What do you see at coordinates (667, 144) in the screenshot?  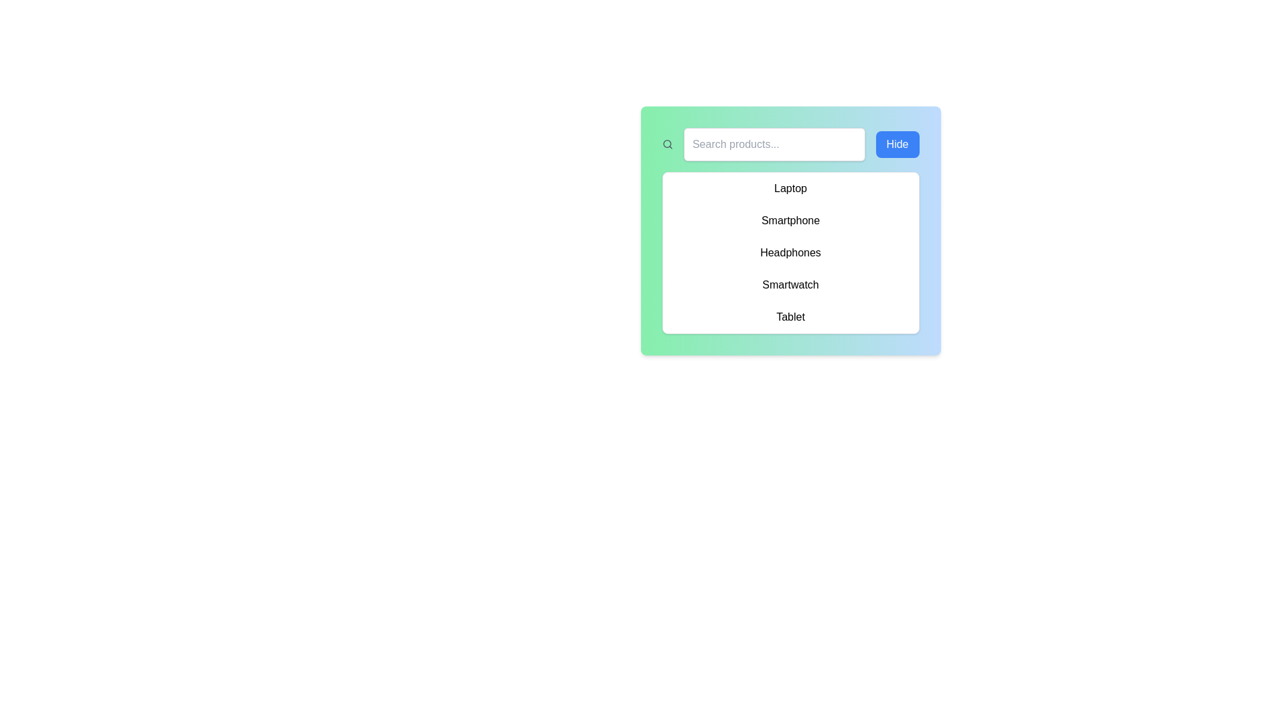 I see `the circular magnifying lens icon representing the search function located in the top-left corner of the green-gradient panel` at bounding box center [667, 144].